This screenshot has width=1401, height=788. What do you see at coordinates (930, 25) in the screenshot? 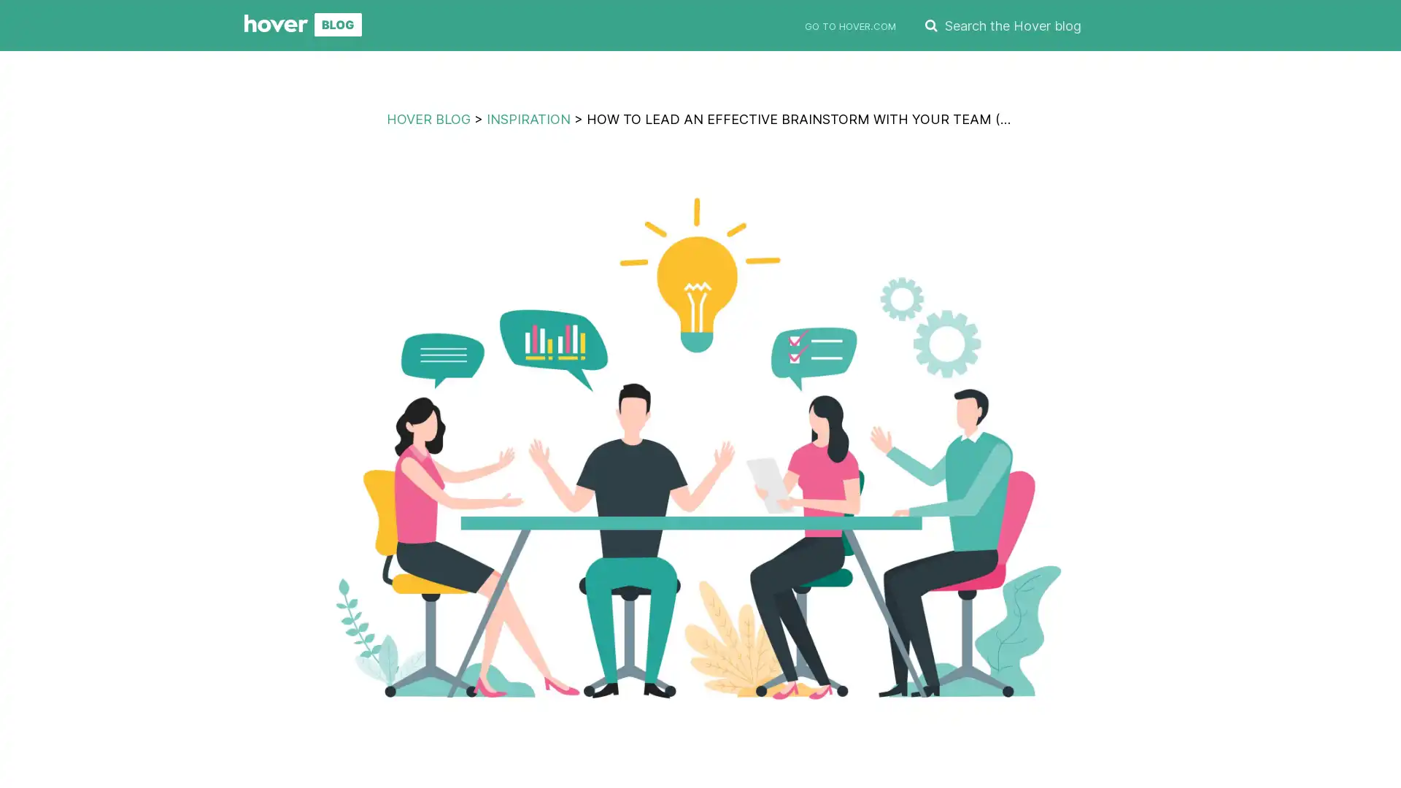
I see `SEARCH` at bounding box center [930, 25].